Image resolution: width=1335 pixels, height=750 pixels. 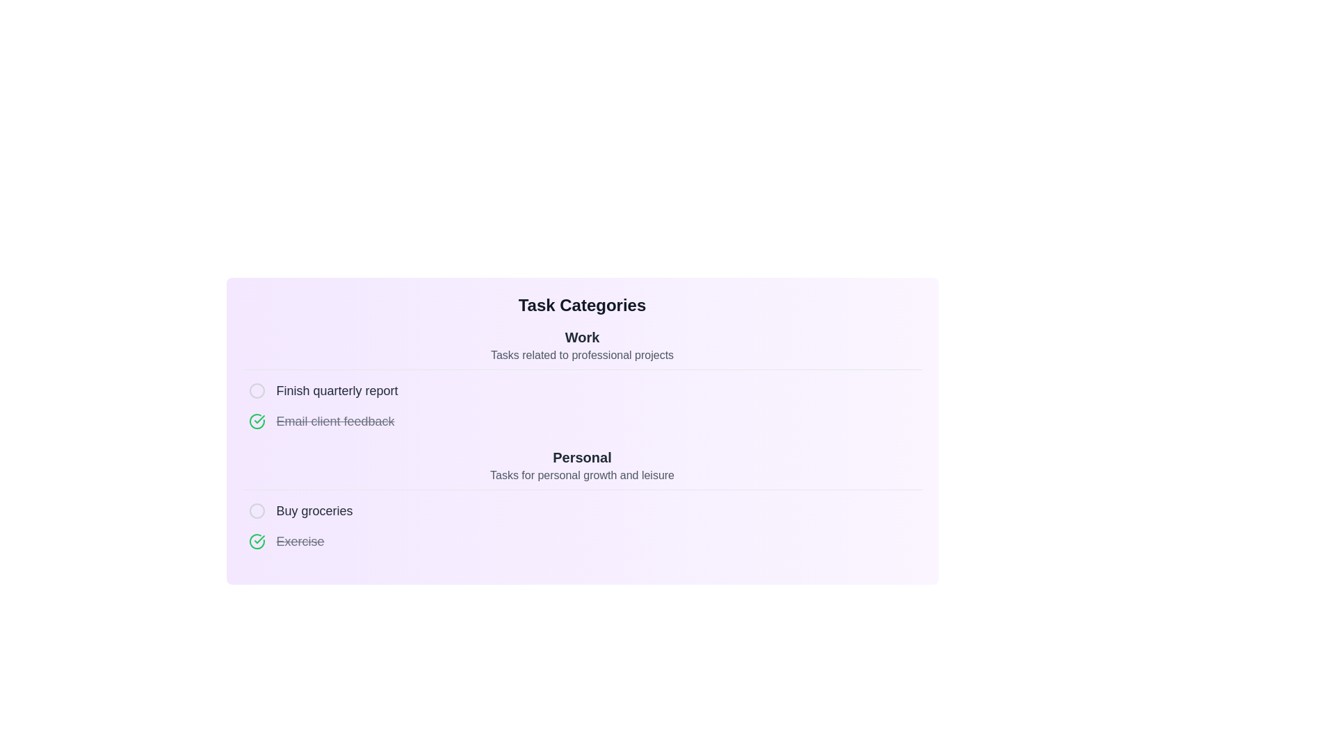 What do you see at coordinates (314, 511) in the screenshot?
I see `the text label that denotes a task in the 'Personal' to-do list section, which is the third item in the list and aligned horizontally with an adjacent checkbox` at bounding box center [314, 511].